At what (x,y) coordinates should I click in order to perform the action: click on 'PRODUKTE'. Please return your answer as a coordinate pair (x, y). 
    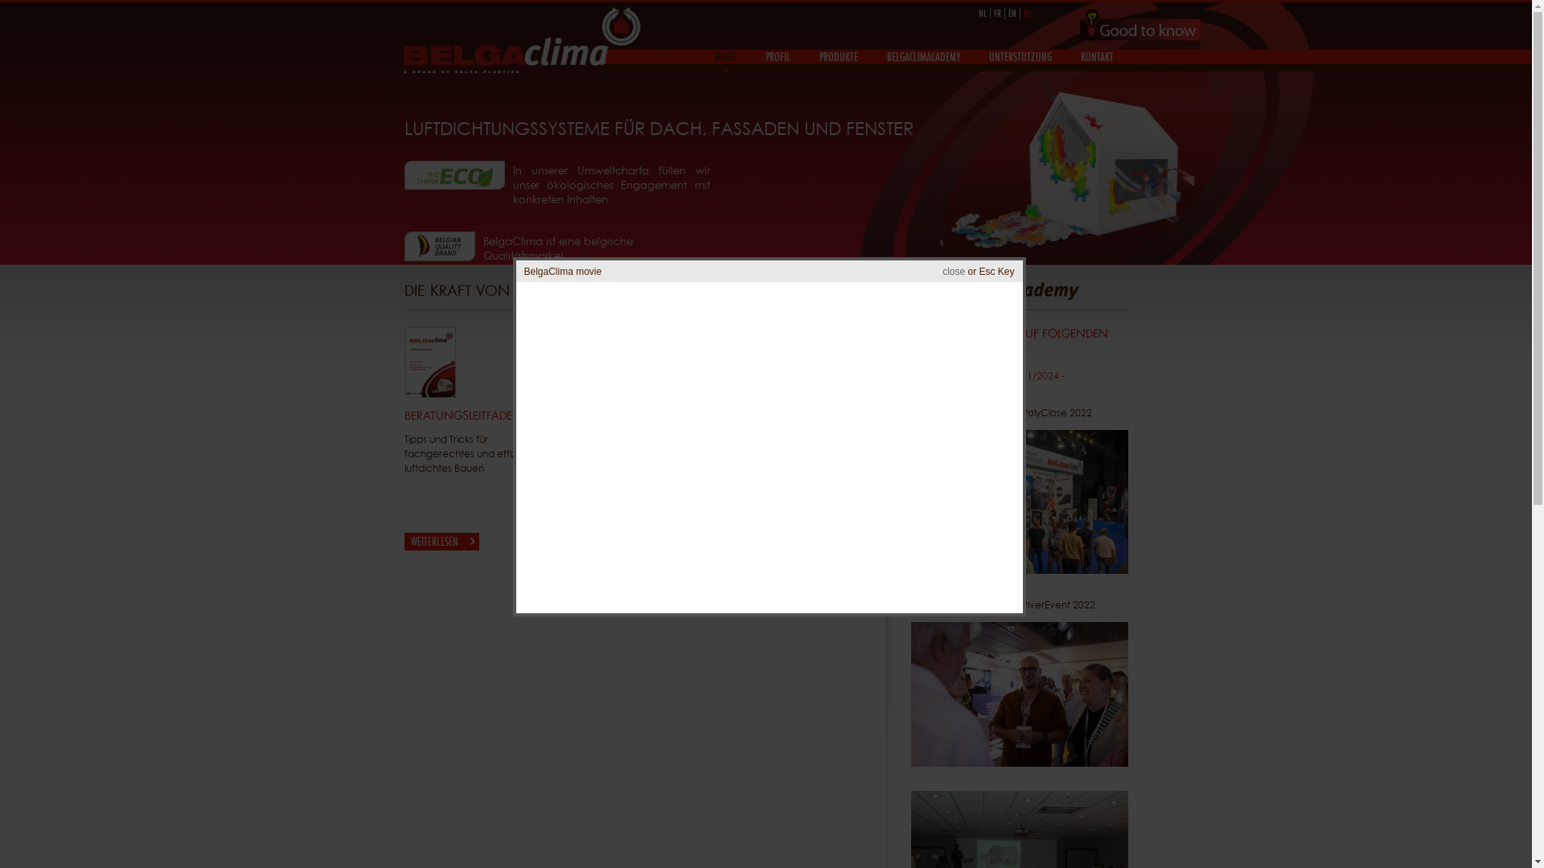
    Looking at the image, I should click on (836, 55).